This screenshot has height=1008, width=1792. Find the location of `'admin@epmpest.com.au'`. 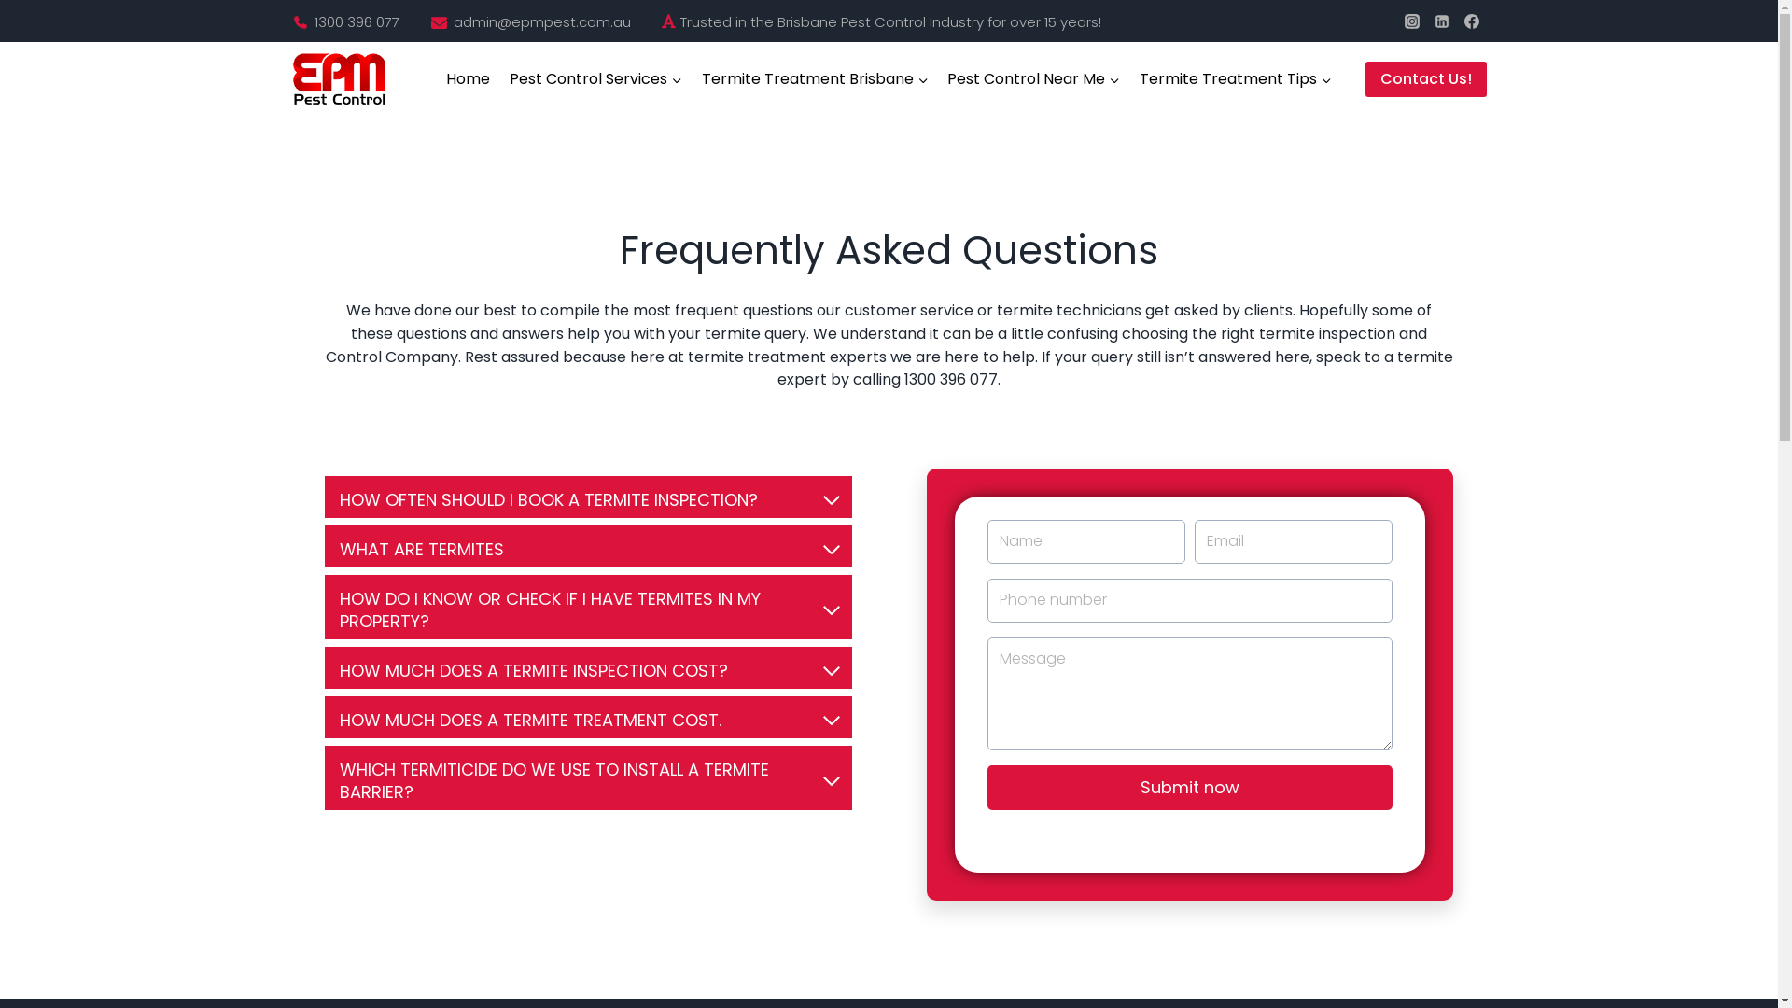

'admin@epmpest.com.au' is located at coordinates (540, 21).